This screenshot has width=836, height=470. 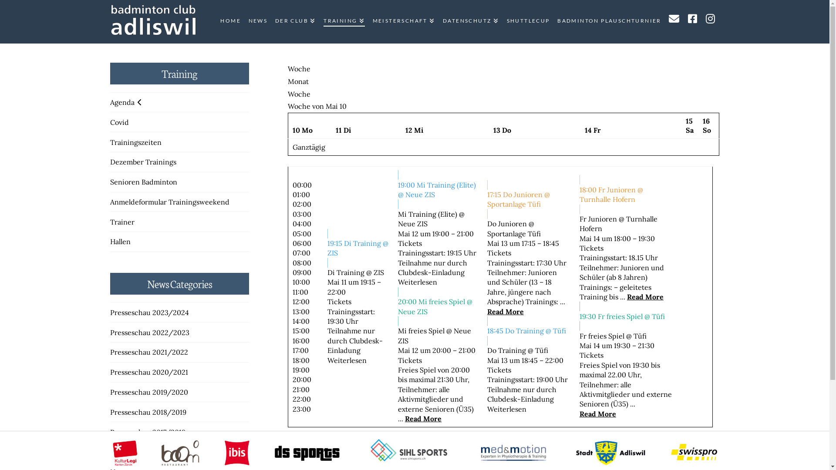 What do you see at coordinates (118, 122) in the screenshot?
I see `'Covid'` at bounding box center [118, 122].